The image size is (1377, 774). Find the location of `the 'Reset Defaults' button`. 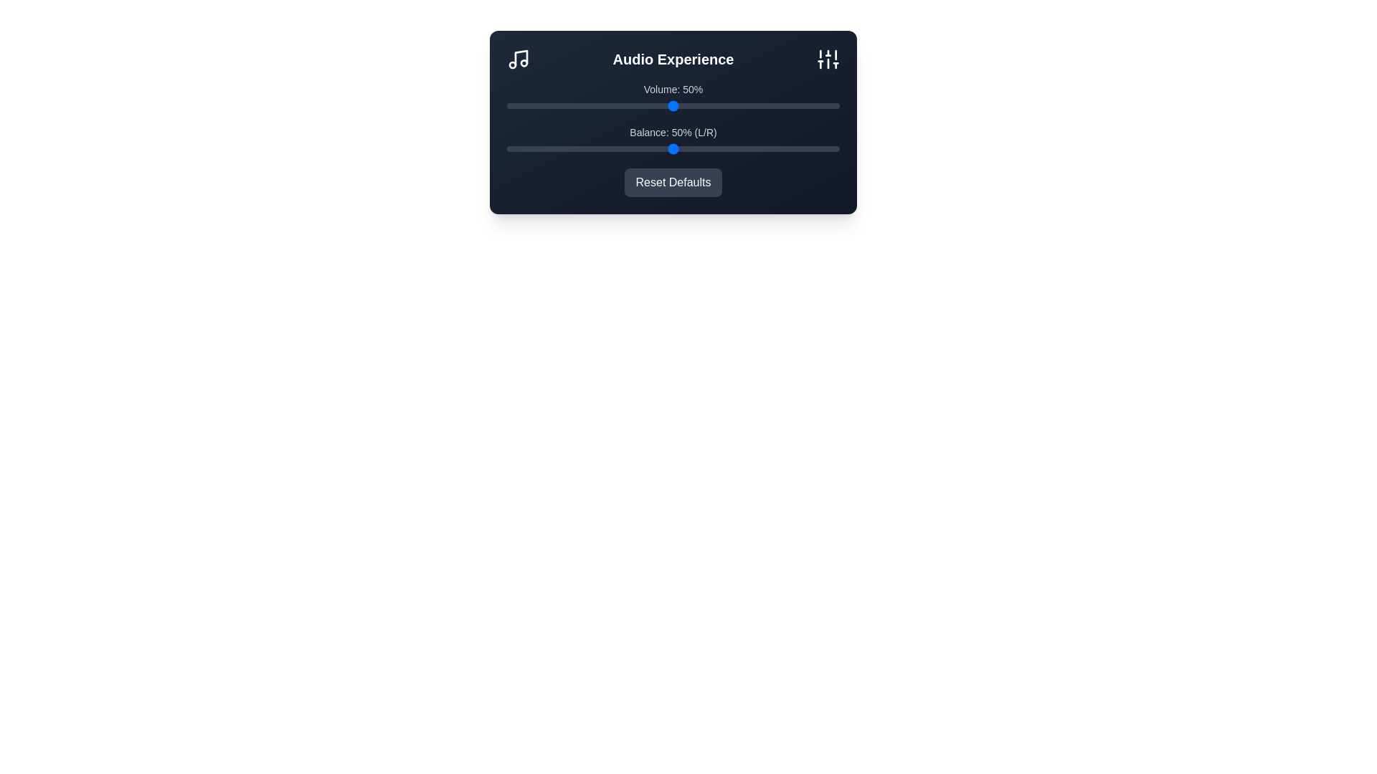

the 'Reset Defaults' button is located at coordinates (673, 181).